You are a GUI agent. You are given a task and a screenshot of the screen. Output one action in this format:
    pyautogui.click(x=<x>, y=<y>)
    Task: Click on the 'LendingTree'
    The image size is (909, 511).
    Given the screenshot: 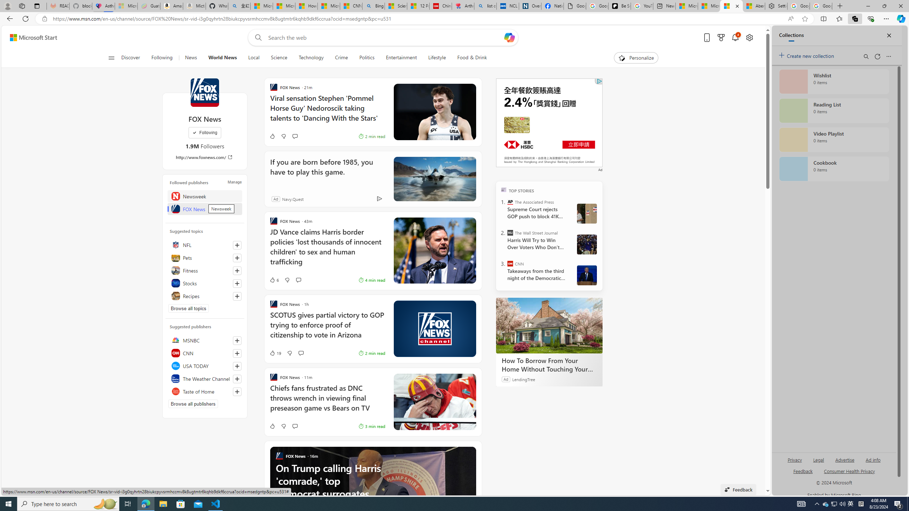 What is the action you would take?
    pyautogui.click(x=523, y=379)
    